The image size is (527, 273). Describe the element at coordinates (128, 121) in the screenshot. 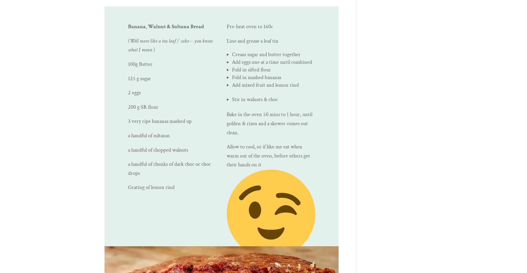

I see `'3 very ripe bananas mashed up'` at that location.